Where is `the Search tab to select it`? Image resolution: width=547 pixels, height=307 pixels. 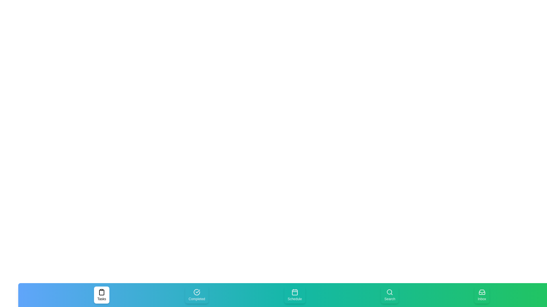 the Search tab to select it is located at coordinates (389, 294).